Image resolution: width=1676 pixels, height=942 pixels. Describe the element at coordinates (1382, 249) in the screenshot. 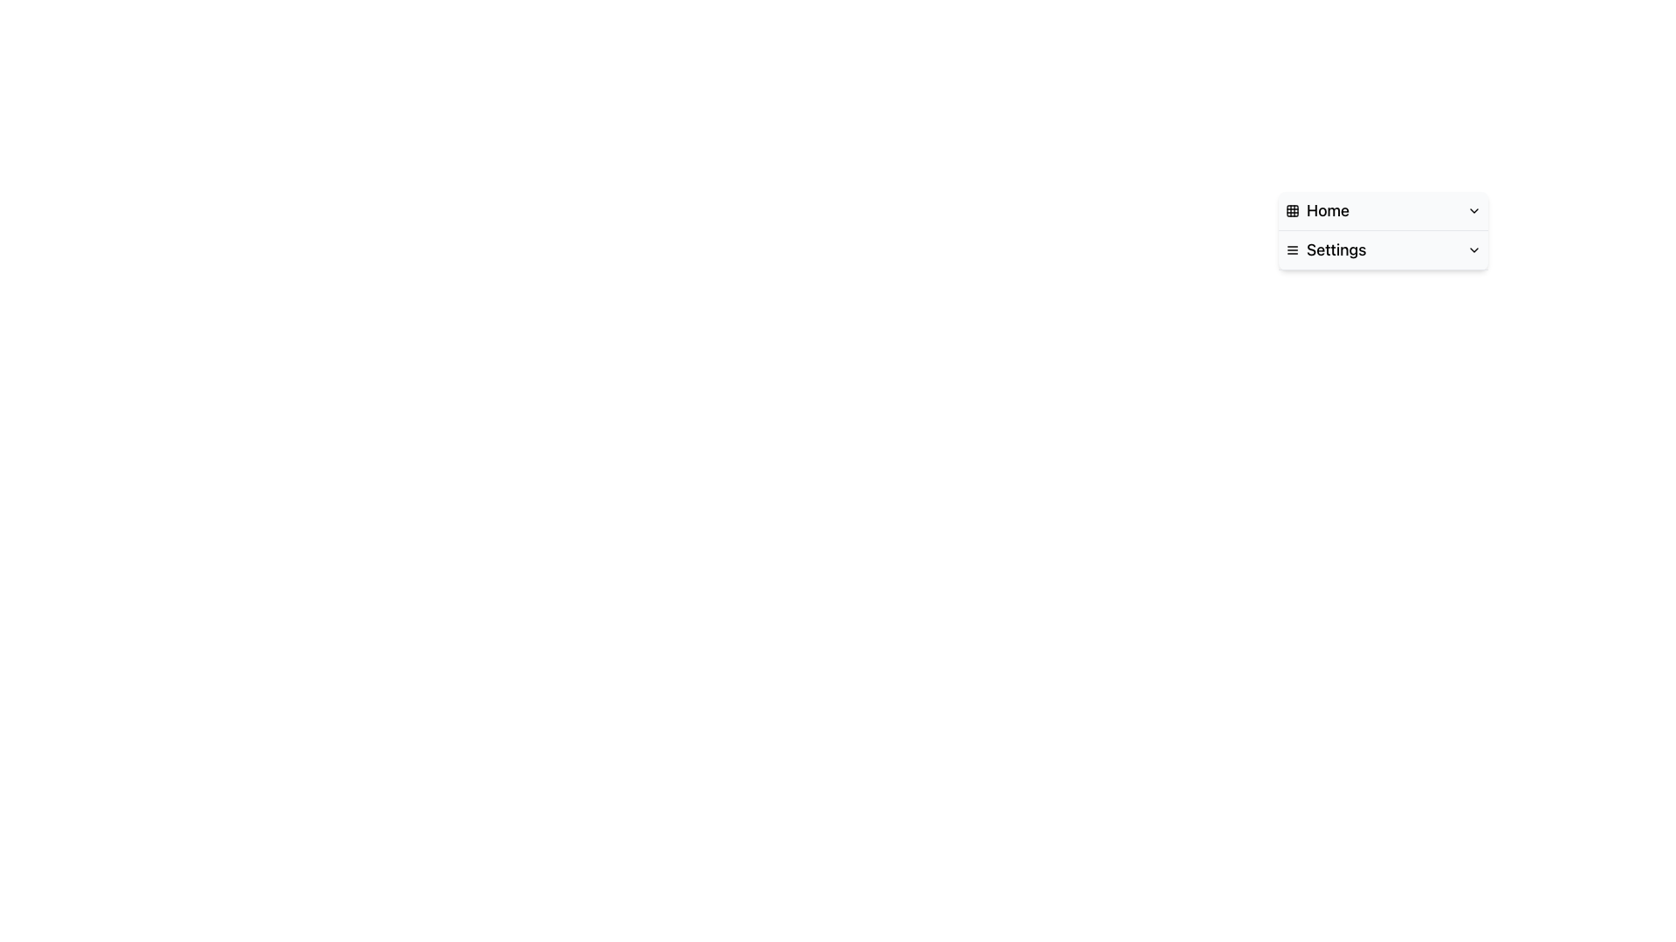

I see `the second navigation button below the 'Home' button` at that location.